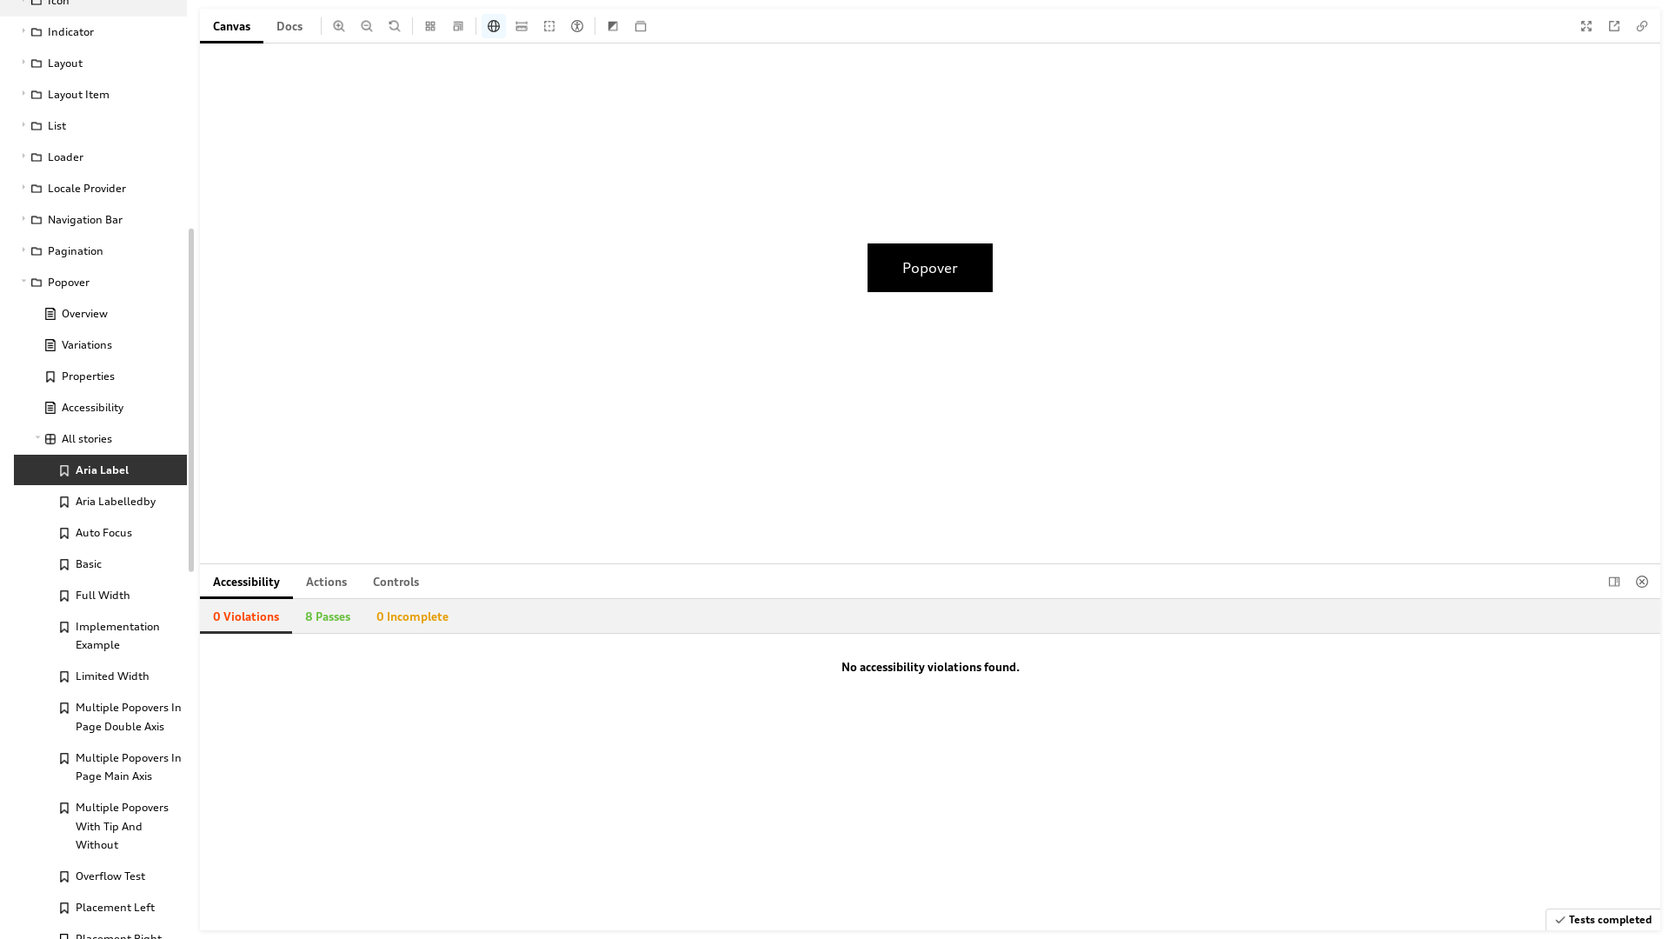  What do you see at coordinates (92, 94) in the screenshot?
I see `'Layout Item'` at bounding box center [92, 94].